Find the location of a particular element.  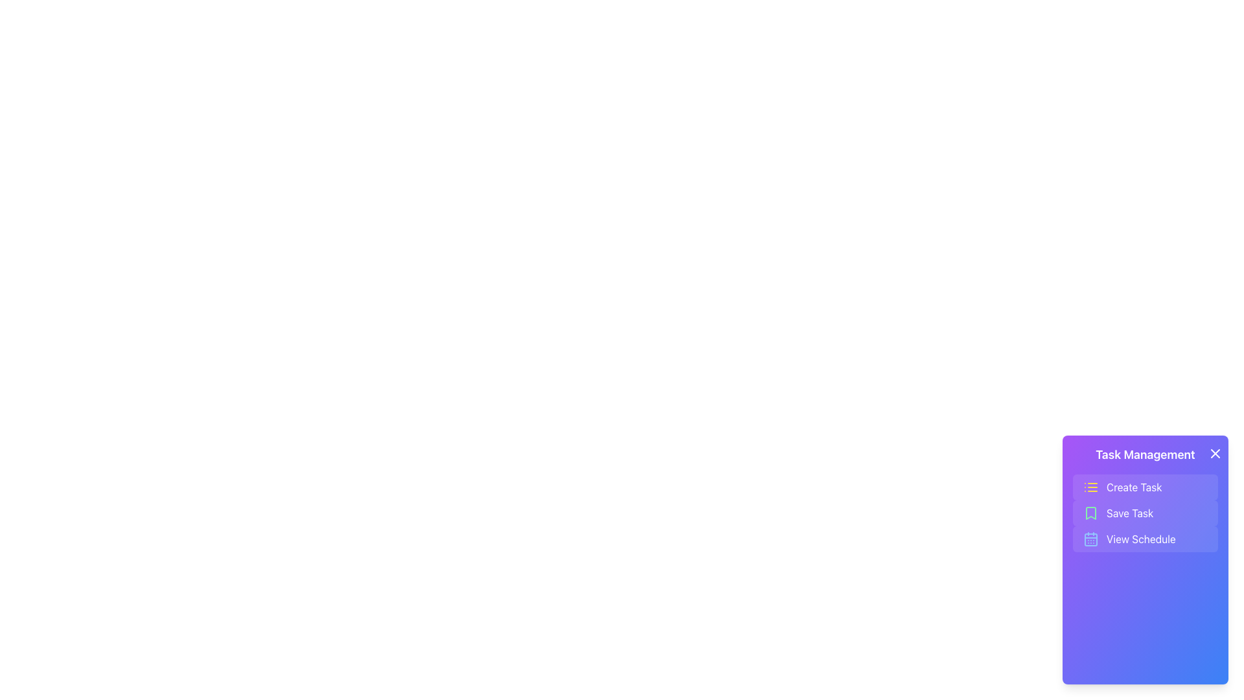

the first button in the 'Task Management' panel to create a new task is located at coordinates (1145, 487).